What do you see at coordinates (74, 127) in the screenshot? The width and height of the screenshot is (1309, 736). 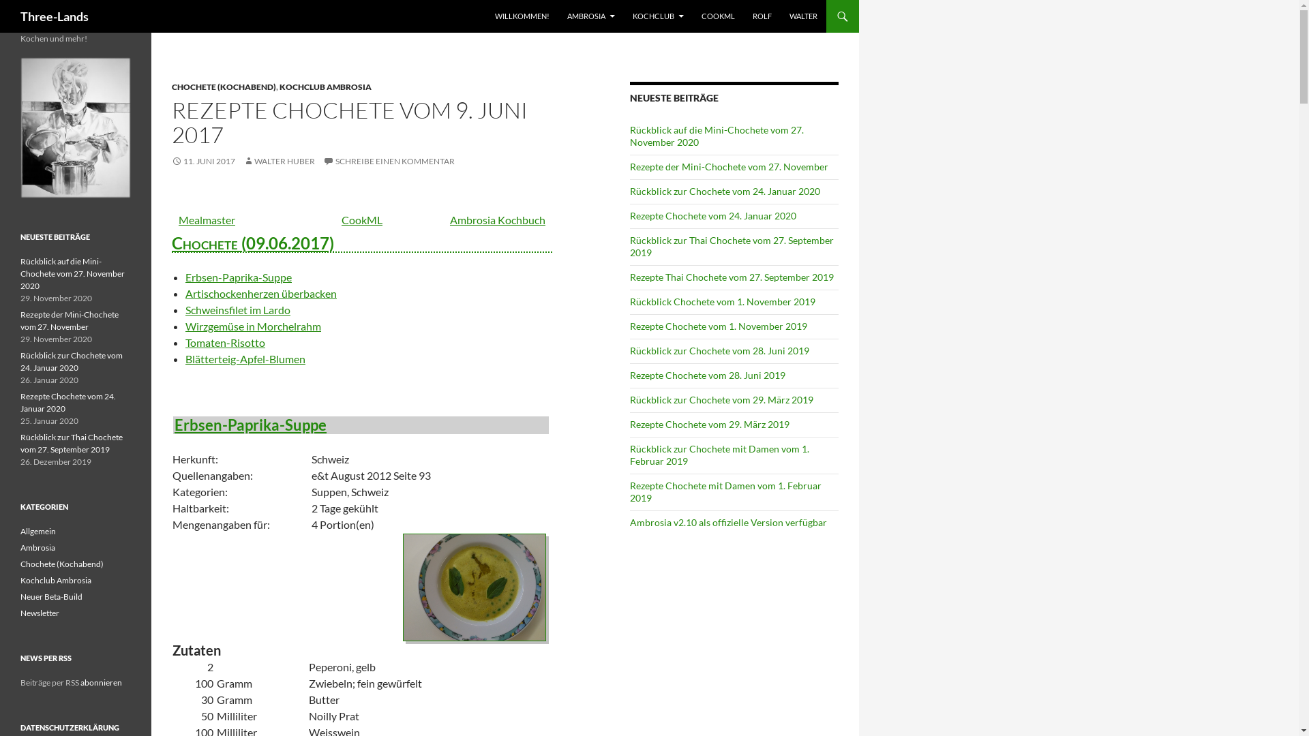 I see `'Ambrosia Logo'` at bounding box center [74, 127].